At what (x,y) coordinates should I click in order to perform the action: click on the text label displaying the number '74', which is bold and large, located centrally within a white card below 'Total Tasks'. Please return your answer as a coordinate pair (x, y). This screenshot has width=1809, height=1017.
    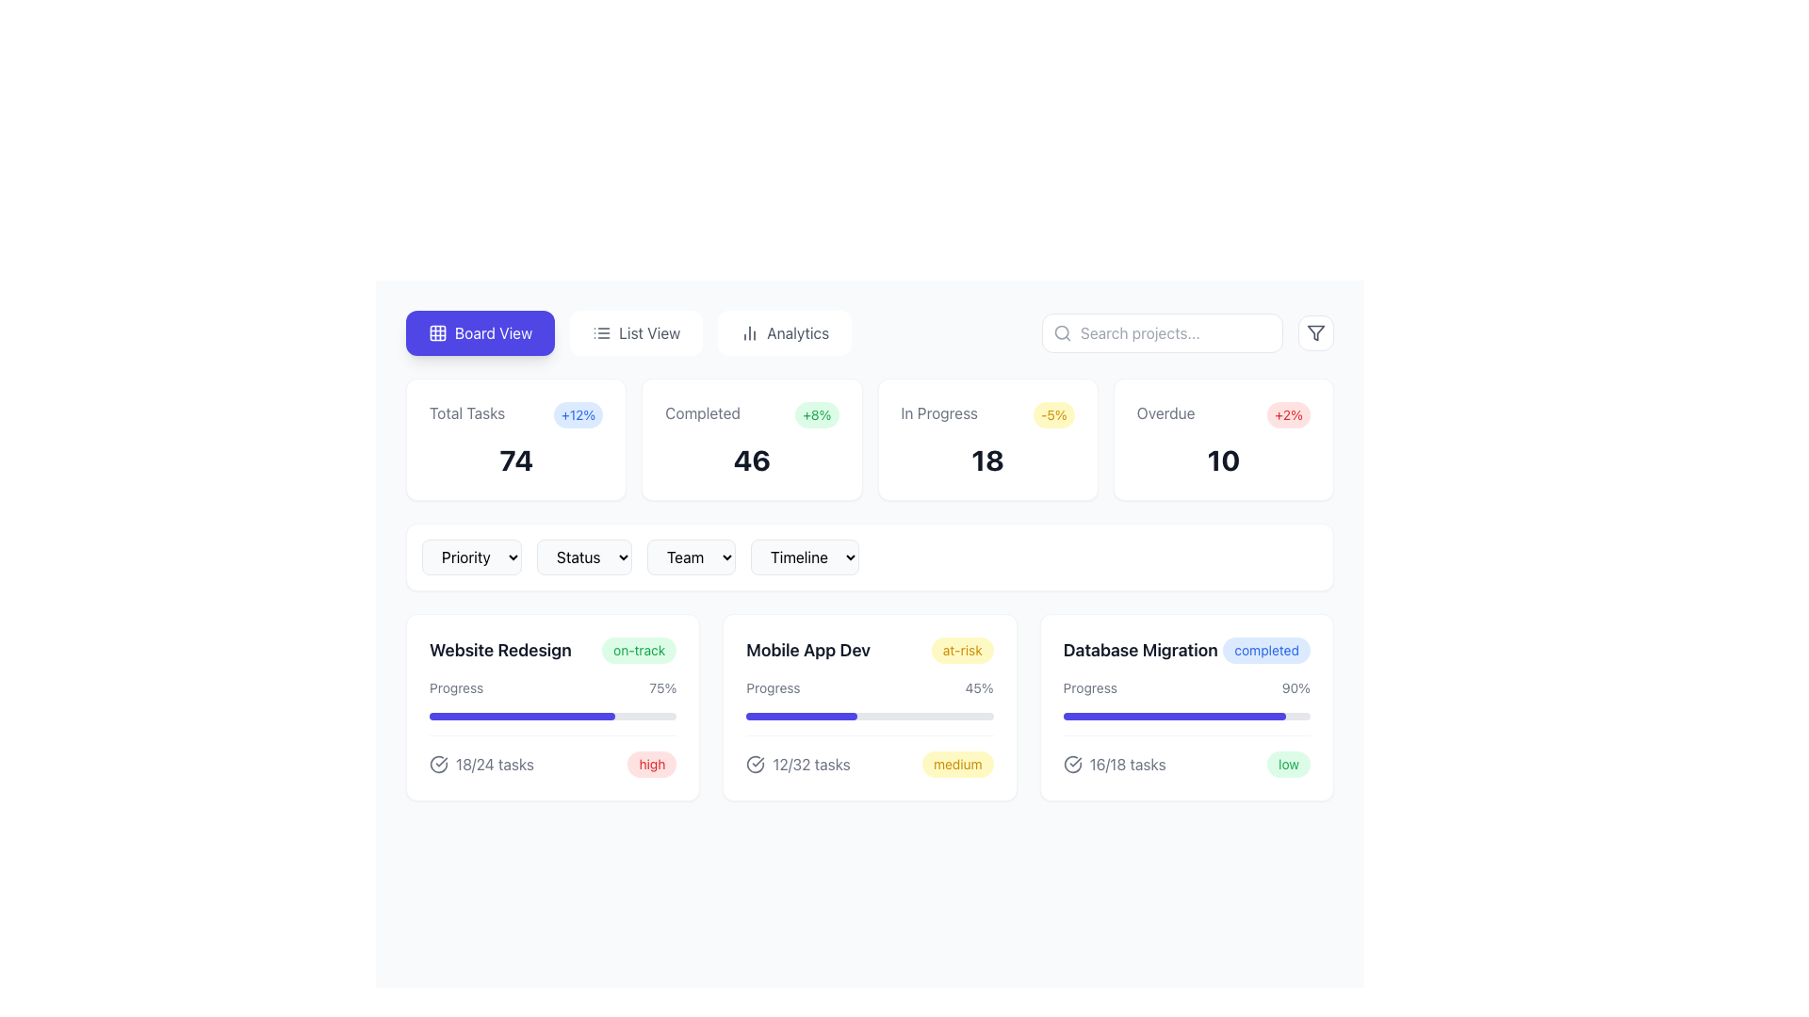
    Looking at the image, I should click on (516, 460).